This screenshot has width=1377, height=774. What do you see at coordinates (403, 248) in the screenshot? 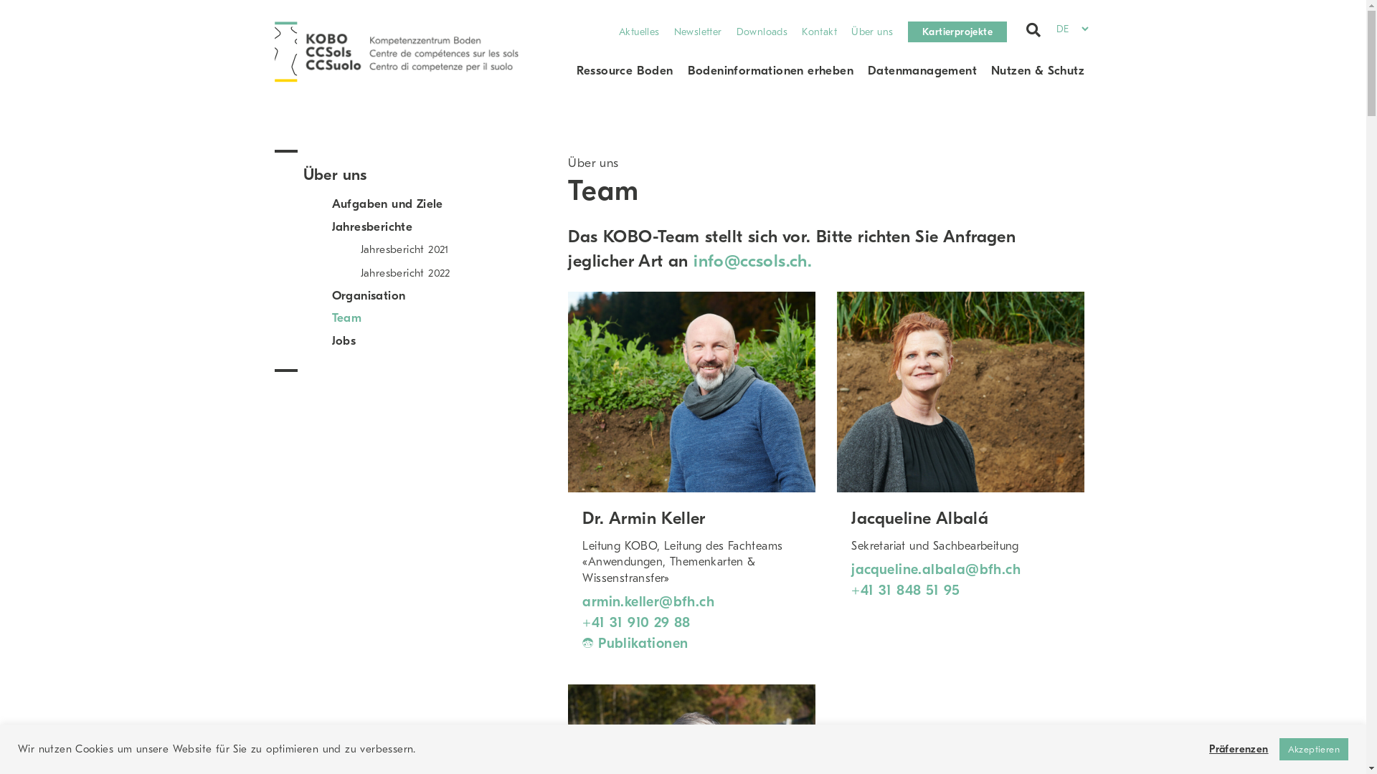
I see `'Jahresbericht 2021'` at bounding box center [403, 248].